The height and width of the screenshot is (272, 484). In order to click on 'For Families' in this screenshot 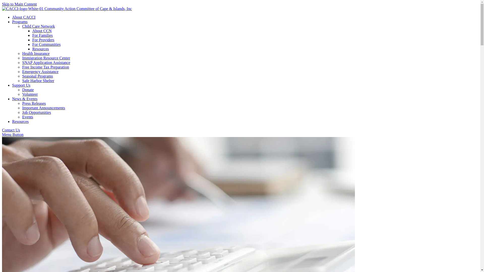, I will do `click(42, 35)`.